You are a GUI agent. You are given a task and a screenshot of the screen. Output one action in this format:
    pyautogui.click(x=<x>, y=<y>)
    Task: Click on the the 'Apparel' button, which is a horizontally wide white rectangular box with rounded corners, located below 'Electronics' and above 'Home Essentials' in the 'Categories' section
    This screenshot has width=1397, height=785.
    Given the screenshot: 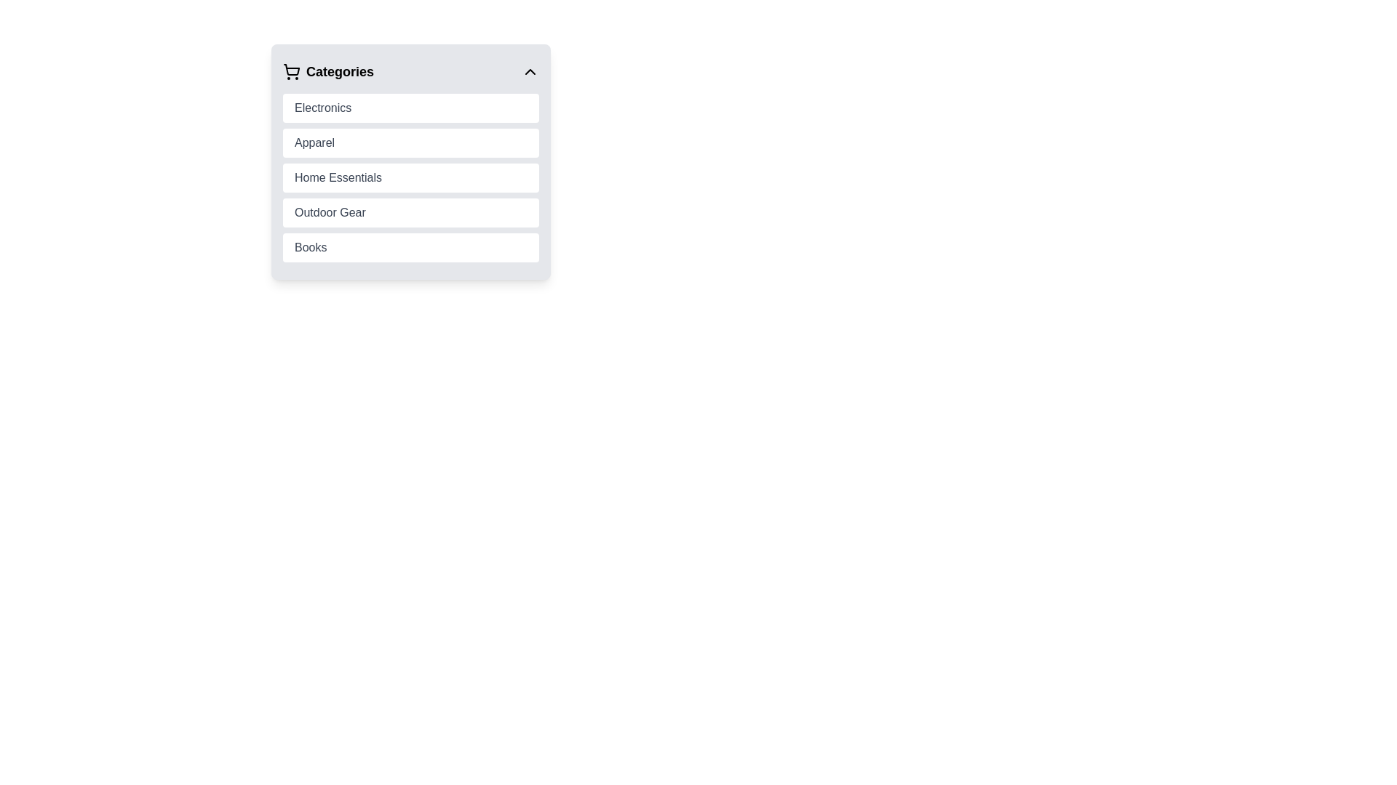 What is the action you would take?
    pyautogui.click(x=410, y=142)
    